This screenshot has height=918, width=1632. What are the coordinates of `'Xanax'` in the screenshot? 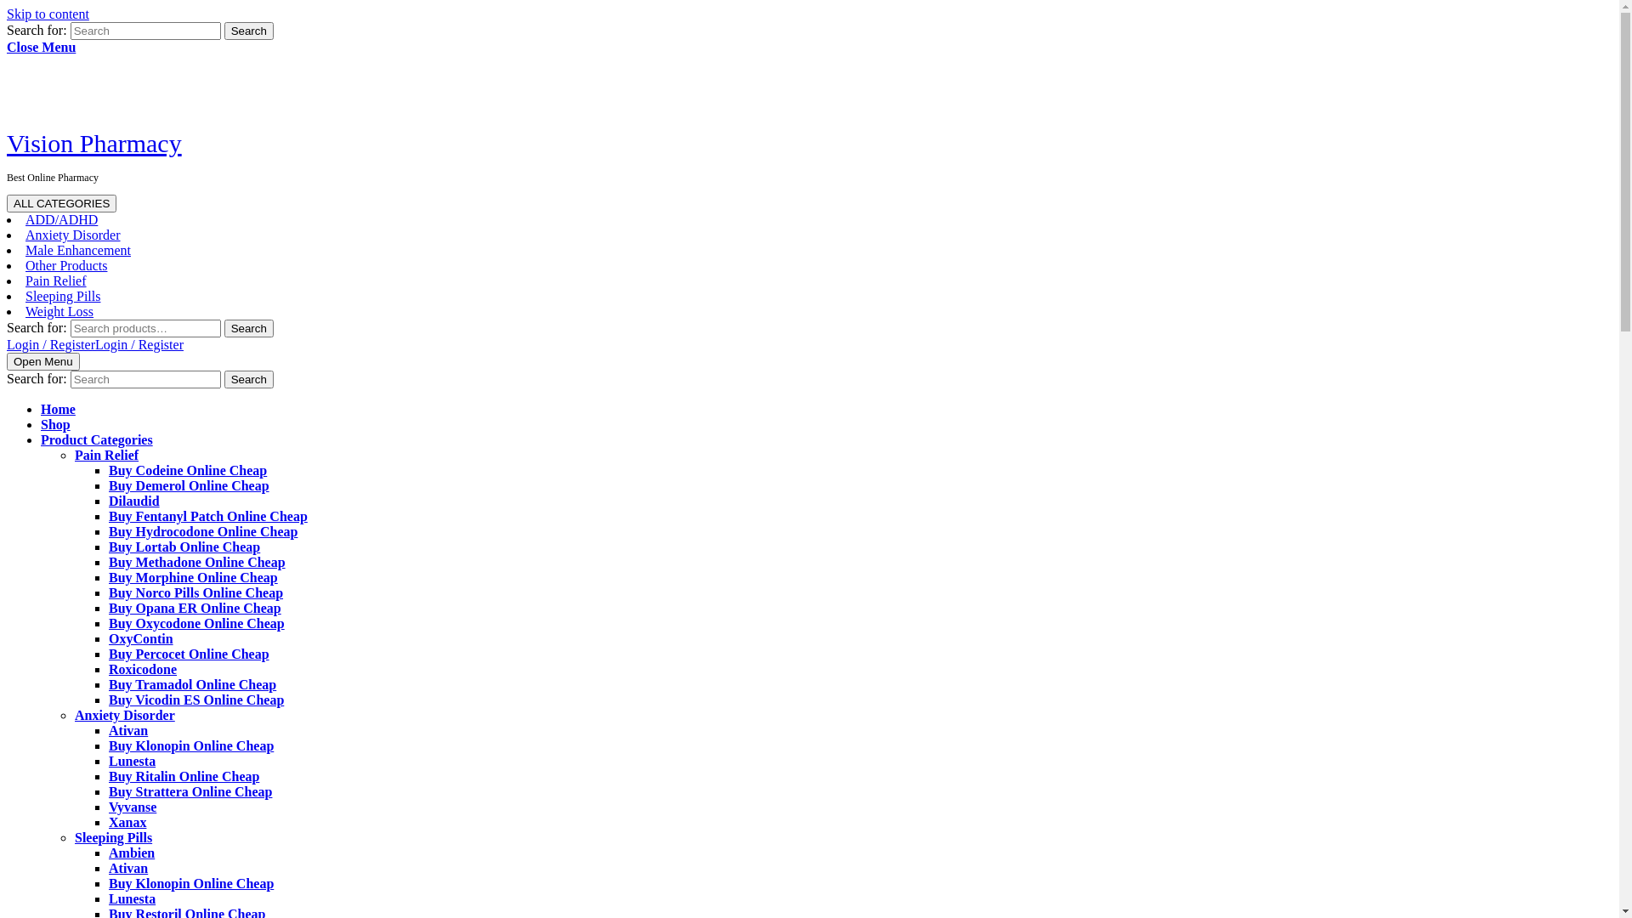 It's located at (126, 821).